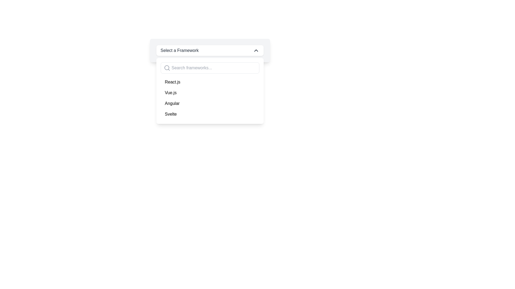 The width and height of the screenshot is (515, 289). I want to click on the 'Vue.js' dropdown menu item, so click(170, 93).